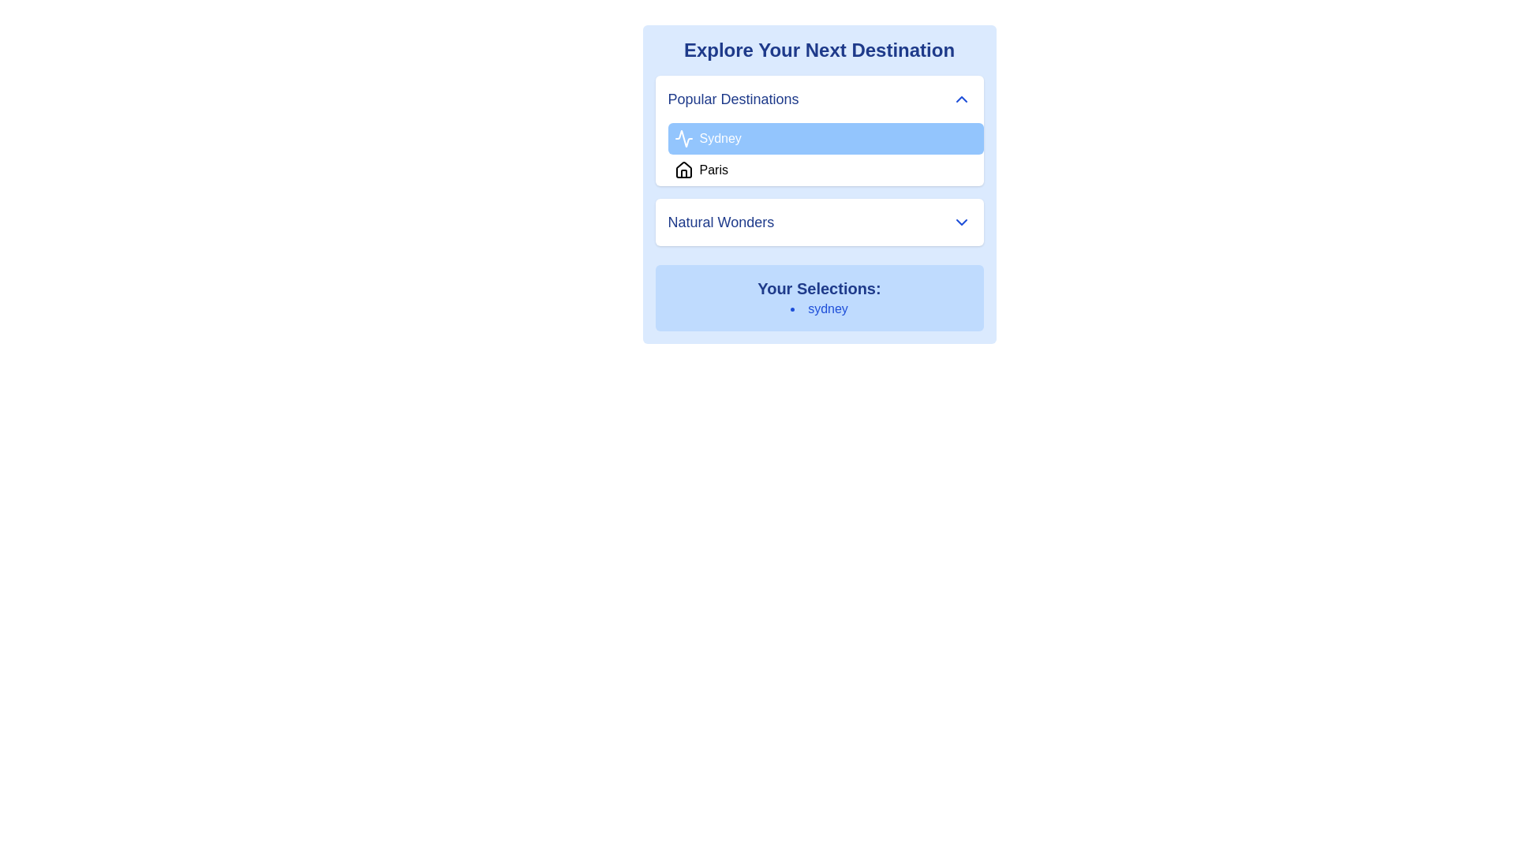 This screenshot has height=852, width=1515. What do you see at coordinates (683, 138) in the screenshot?
I see `the waveform icon within the 'Sydney' option in the 'Popular Destinations' dropdown list` at bounding box center [683, 138].